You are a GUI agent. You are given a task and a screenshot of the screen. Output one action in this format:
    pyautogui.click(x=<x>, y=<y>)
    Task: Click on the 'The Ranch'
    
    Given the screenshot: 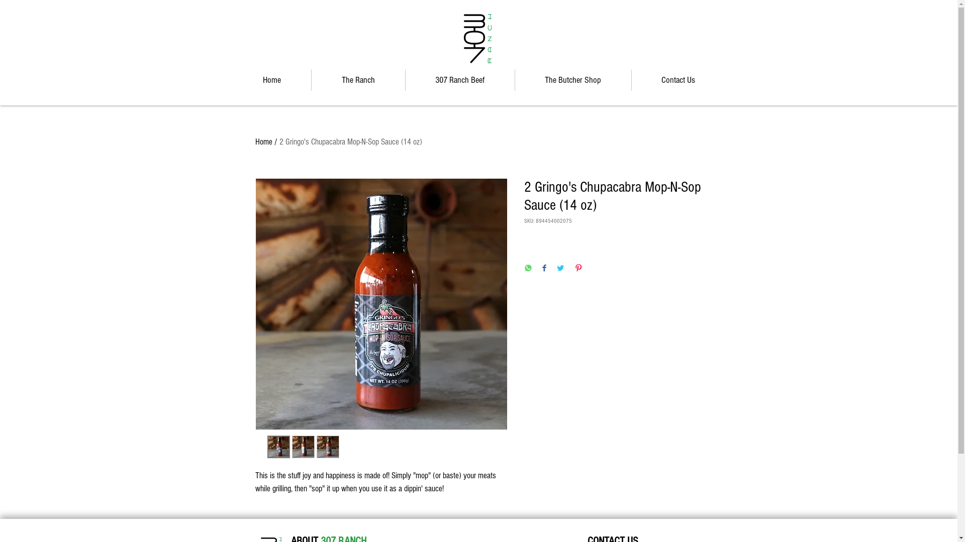 What is the action you would take?
    pyautogui.click(x=358, y=79)
    